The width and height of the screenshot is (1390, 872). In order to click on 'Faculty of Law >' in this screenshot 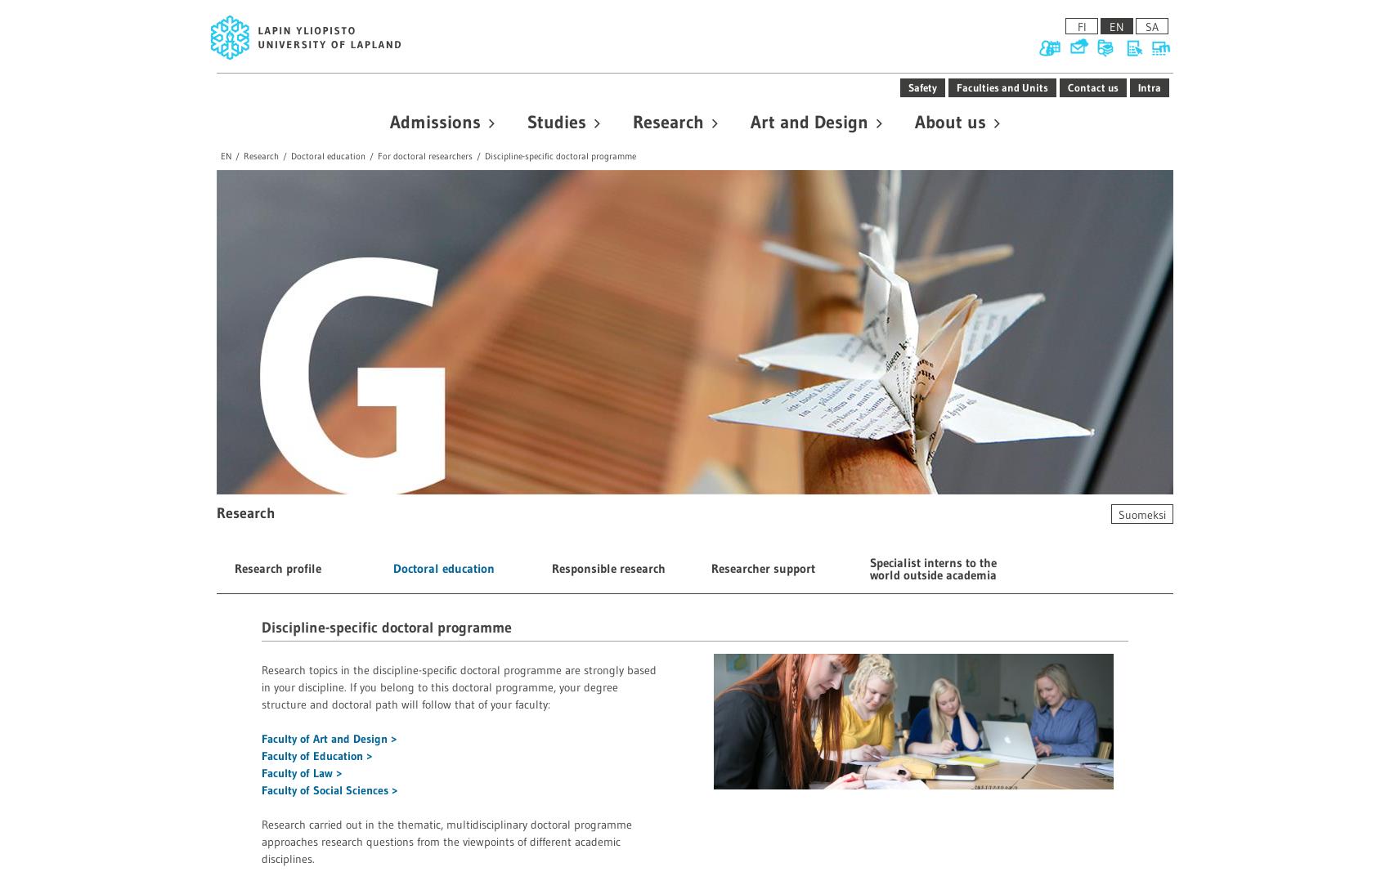, I will do `click(261, 772)`.